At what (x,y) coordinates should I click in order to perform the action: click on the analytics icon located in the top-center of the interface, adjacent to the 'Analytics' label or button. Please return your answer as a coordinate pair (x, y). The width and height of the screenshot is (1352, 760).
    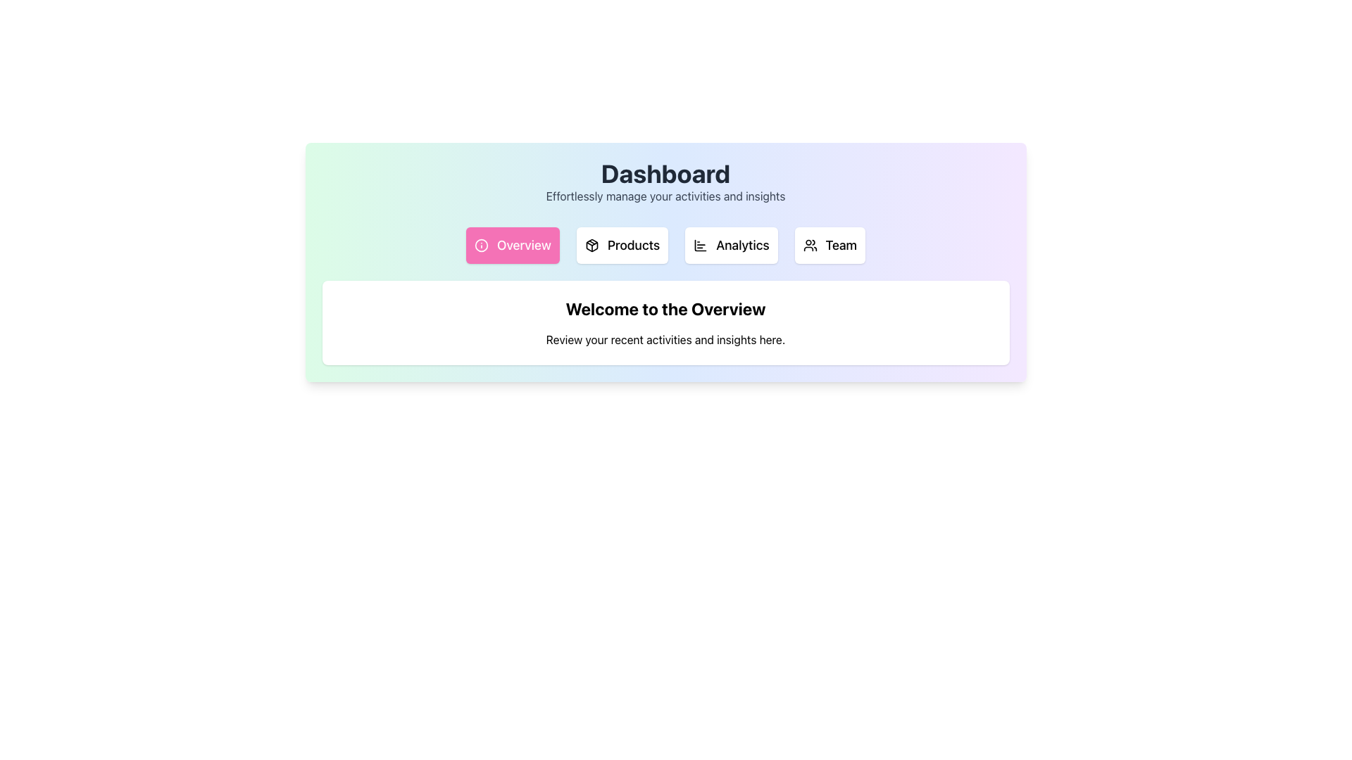
    Looking at the image, I should click on (701, 244).